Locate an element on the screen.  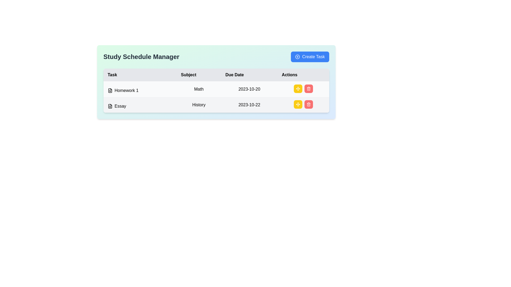
the non-editable text displaying the due date '2023-10-20' for the task 'Homework 1' in the central column under the 'Due Date' header is located at coordinates (249, 89).